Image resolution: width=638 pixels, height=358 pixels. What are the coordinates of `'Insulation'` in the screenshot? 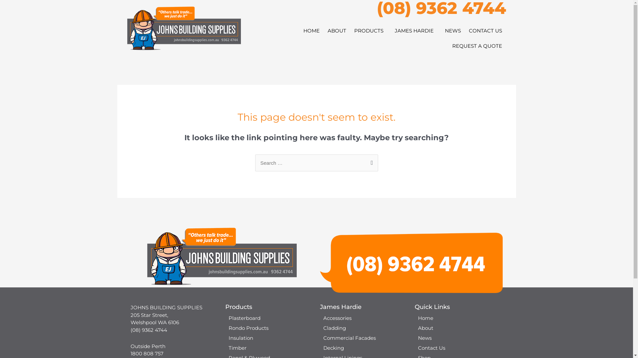 It's located at (269, 338).